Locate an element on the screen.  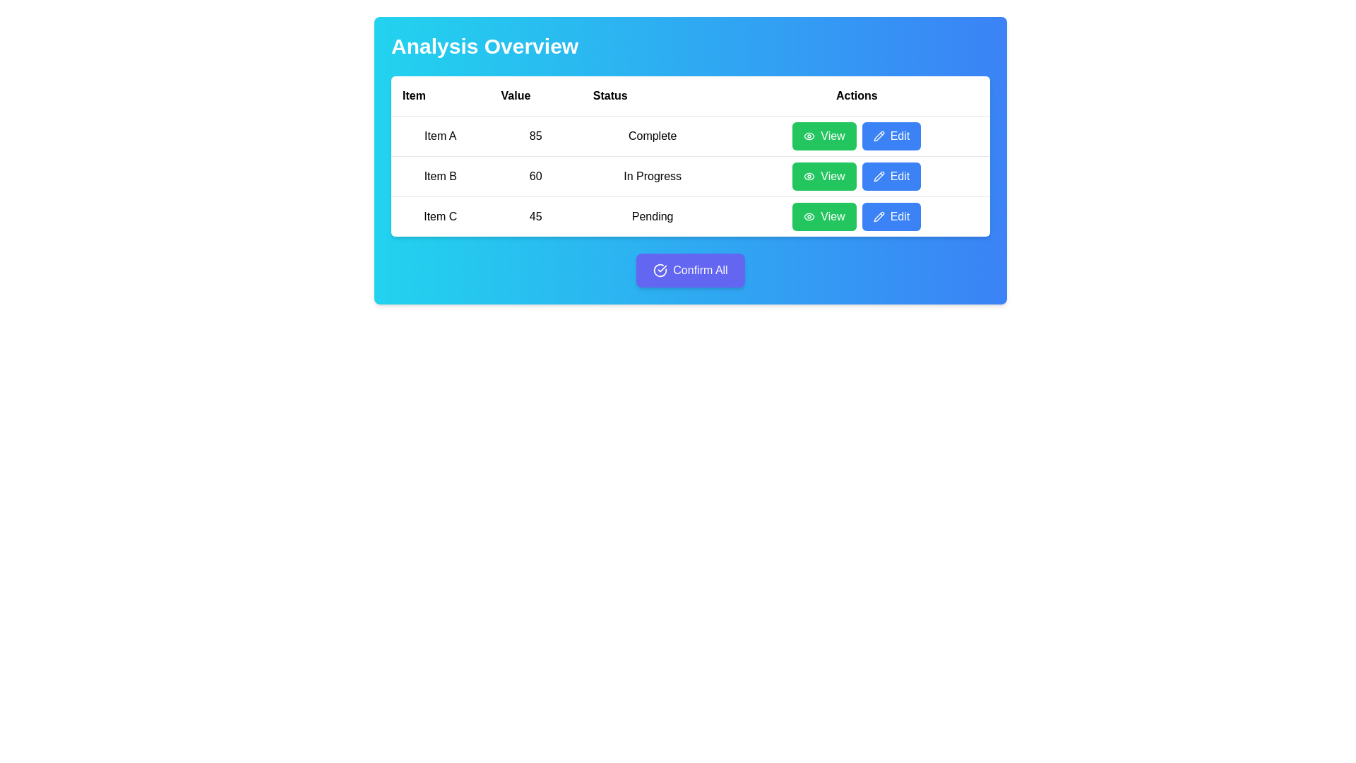
the status text element for 'Item C' located in the 'Status' column of the third row in the table is located at coordinates (652, 216).